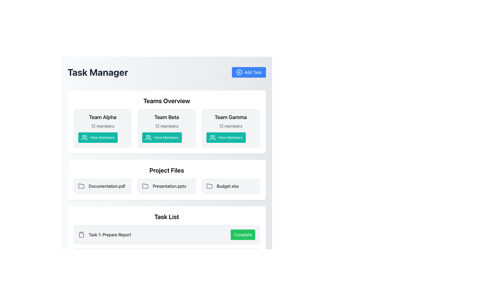 Image resolution: width=501 pixels, height=282 pixels. Describe the element at coordinates (104, 234) in the screenshot. I see `the text label 'Task 1: Prepare Report' which is accompanied by a clipboard icon, located in the 'Task List' section of the interface` at that location.